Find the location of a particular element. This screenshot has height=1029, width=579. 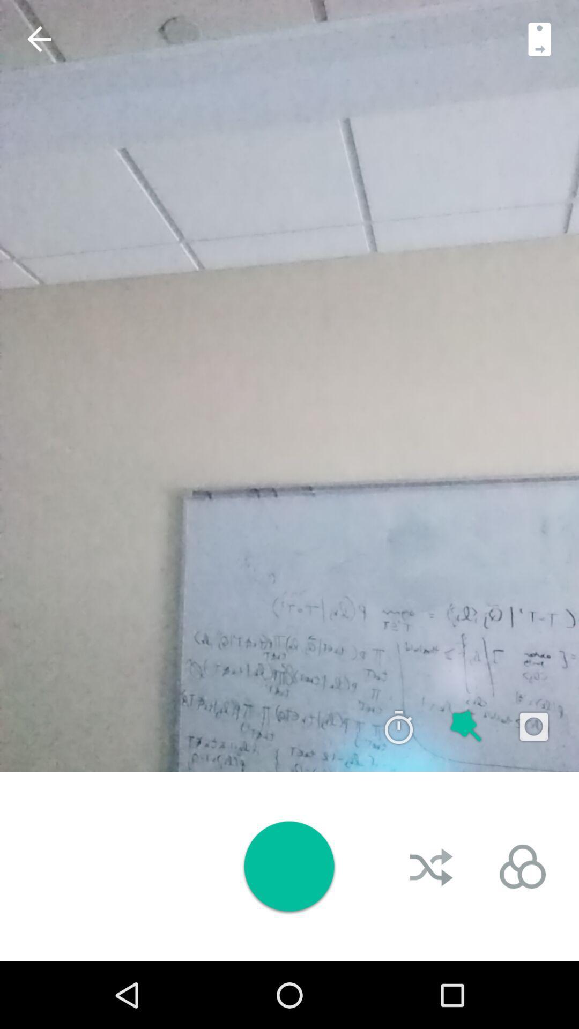

take picture is located at coordinates (288, 866).